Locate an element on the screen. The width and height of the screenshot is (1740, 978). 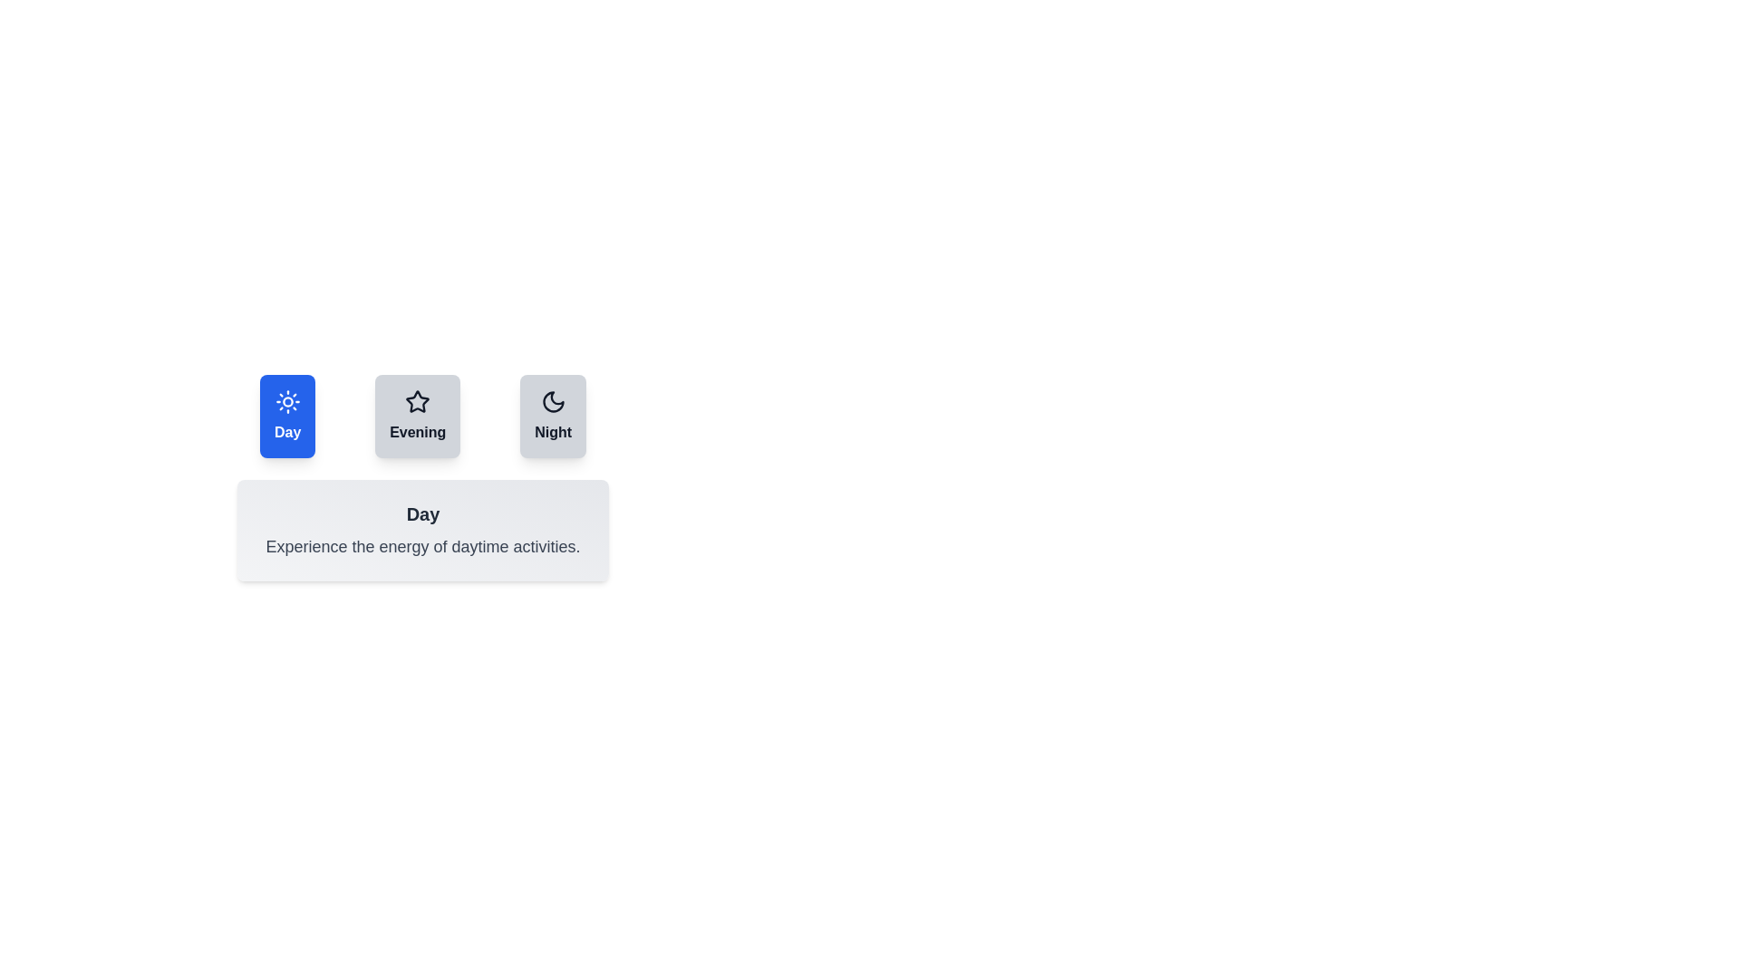
the tab button labeled Evening to observe the hover effect is located at coordinates (417, 416).